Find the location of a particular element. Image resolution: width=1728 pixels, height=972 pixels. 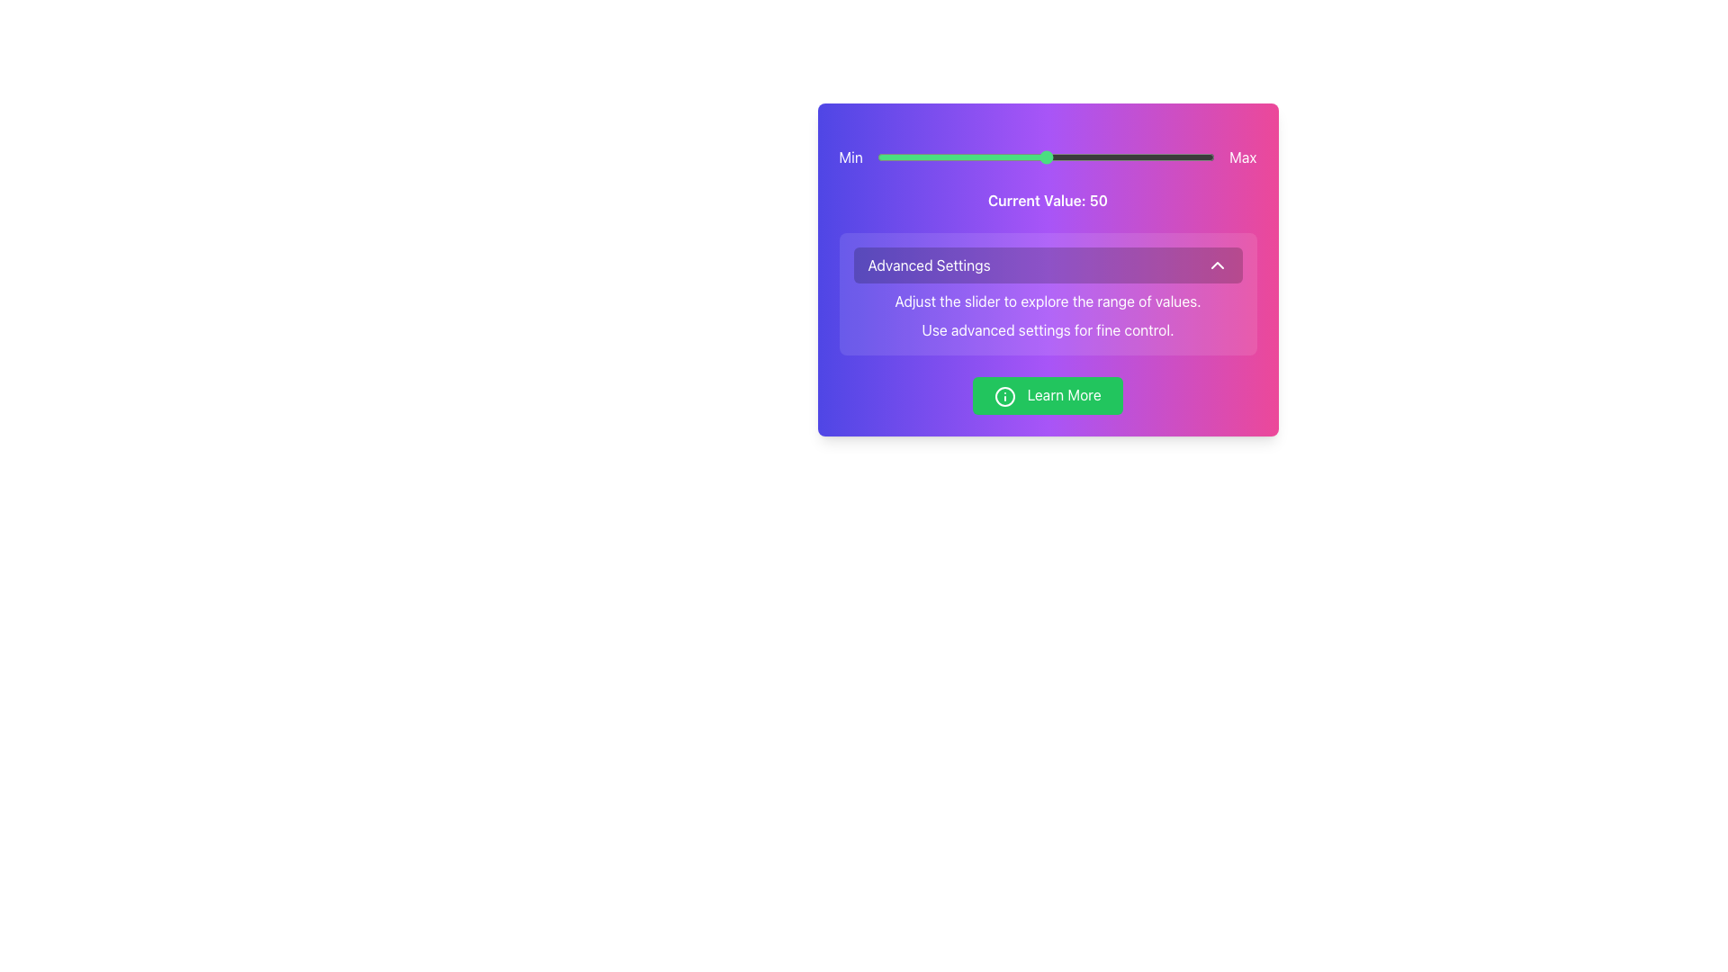

the value of the slider is located at coordinates (887, 156).